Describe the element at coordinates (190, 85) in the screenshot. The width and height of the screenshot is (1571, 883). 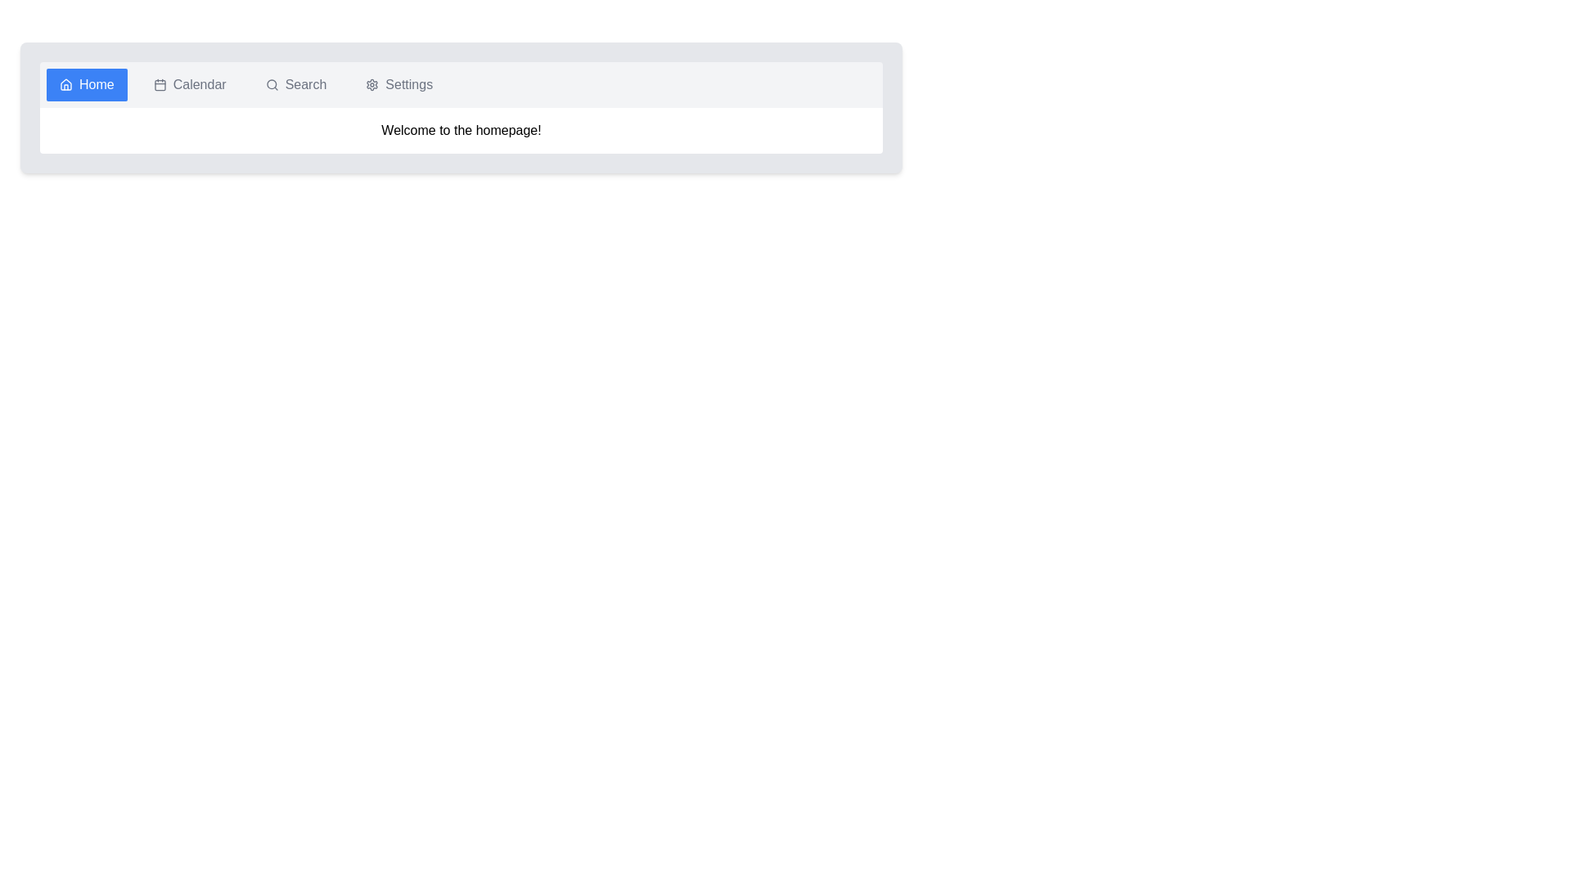
I see `the 'Calendar' button in the top toolbar` at that location.